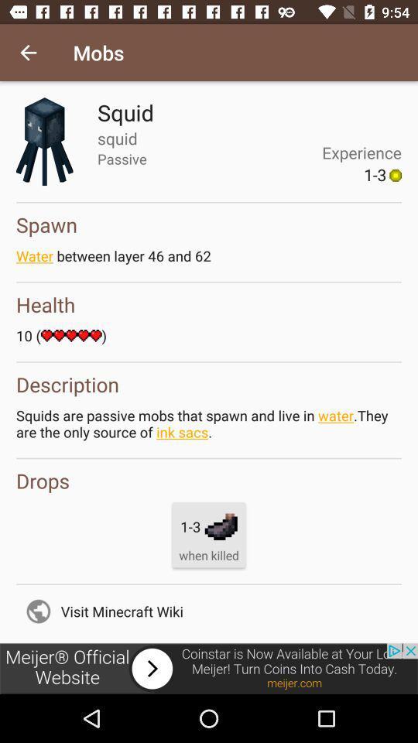  Describe the element at coordinates (209, 668) in the screenshot. I see `the picture` at that location.